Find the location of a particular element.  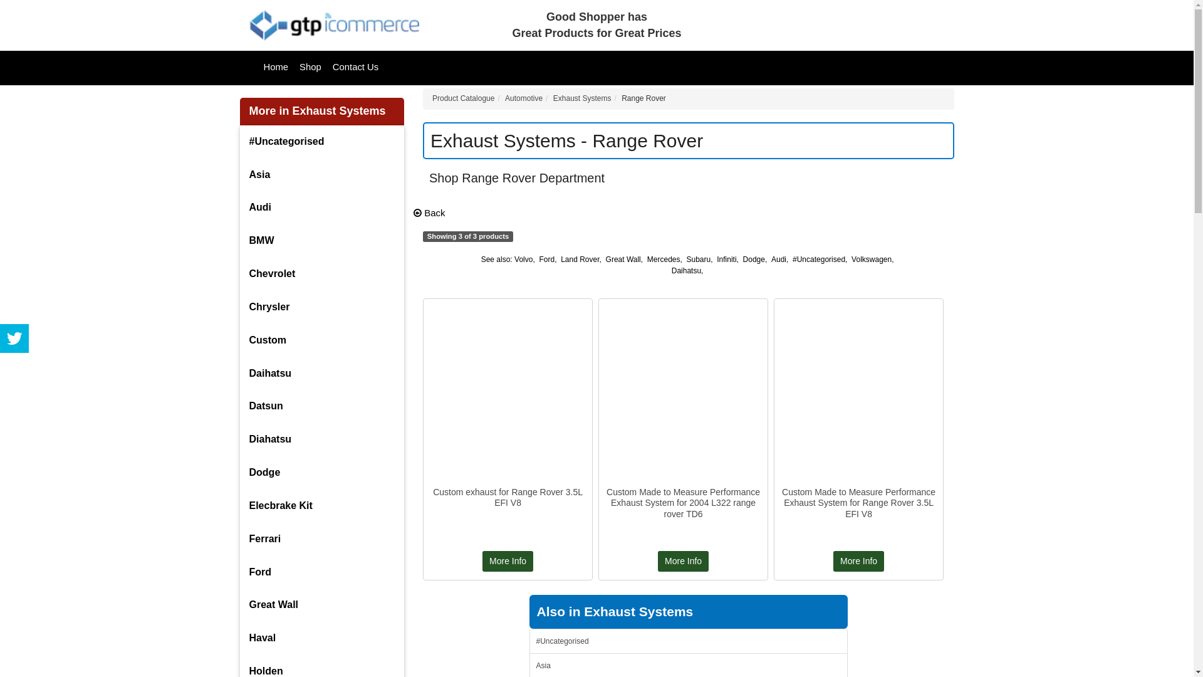

'Ford' is located at coordinates (546, 258).